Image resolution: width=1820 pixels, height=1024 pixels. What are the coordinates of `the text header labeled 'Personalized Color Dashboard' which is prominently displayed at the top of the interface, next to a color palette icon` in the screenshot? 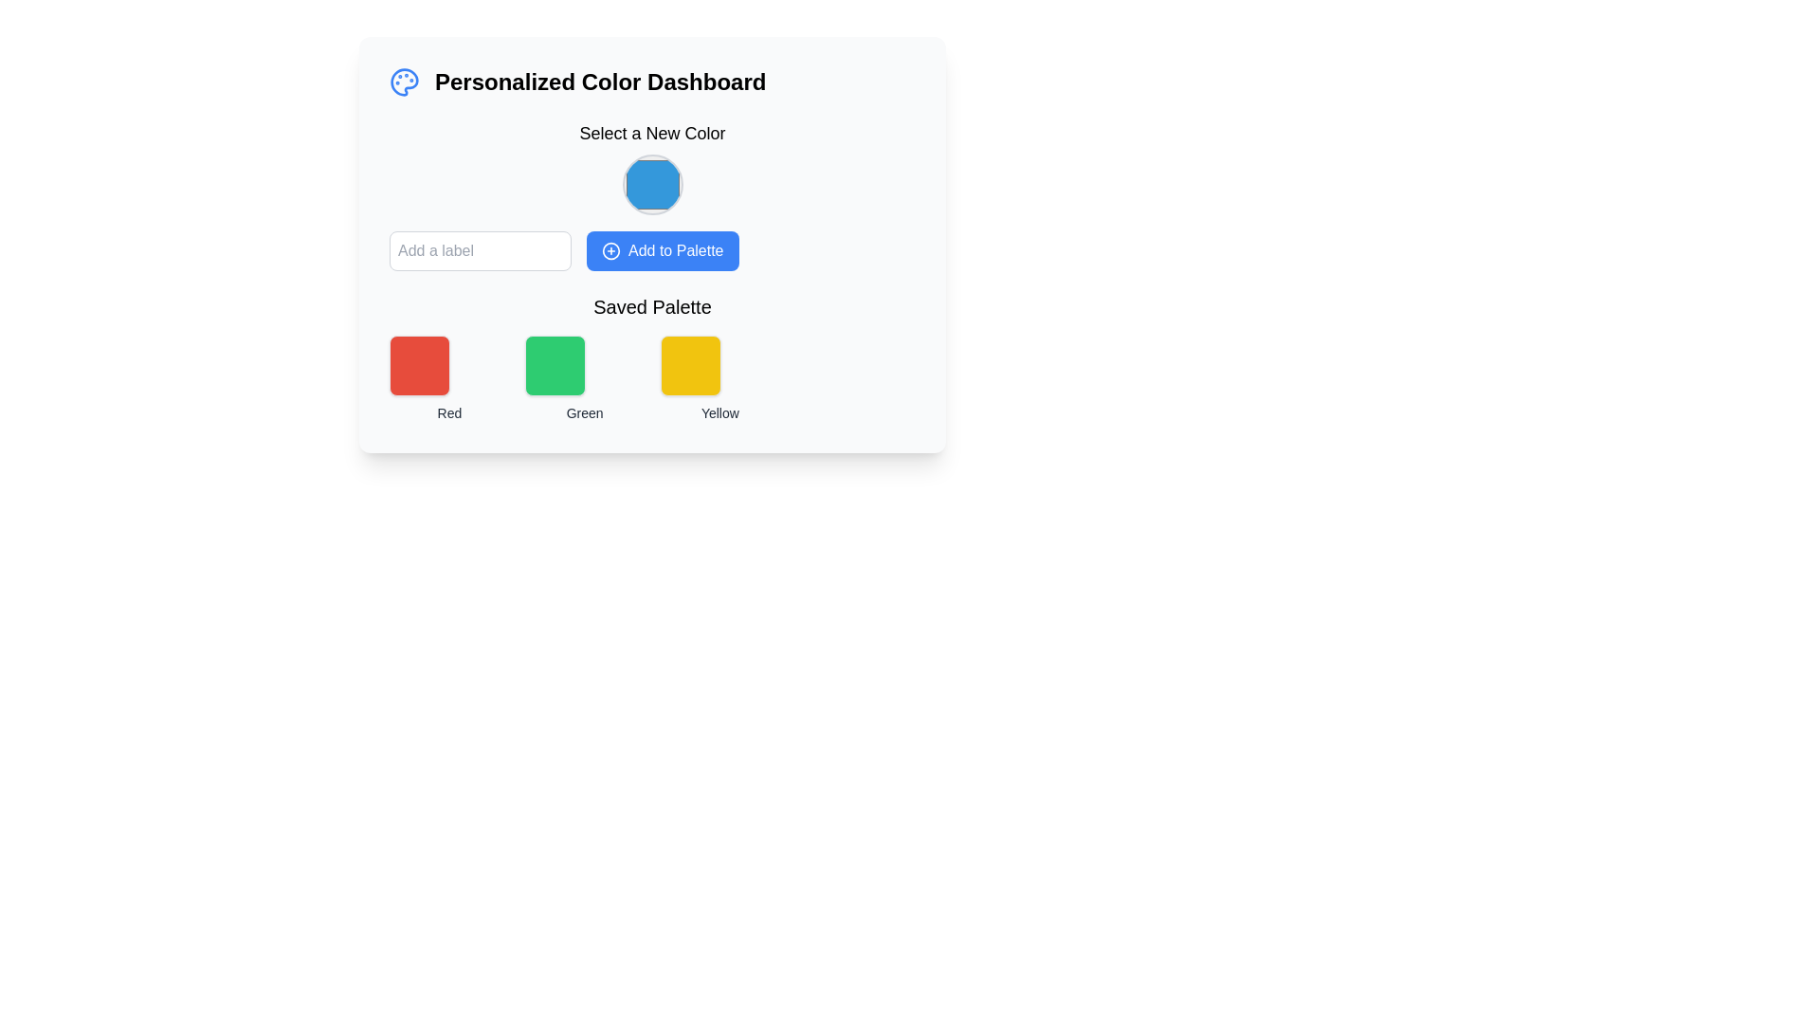 It's located at (599, 82).